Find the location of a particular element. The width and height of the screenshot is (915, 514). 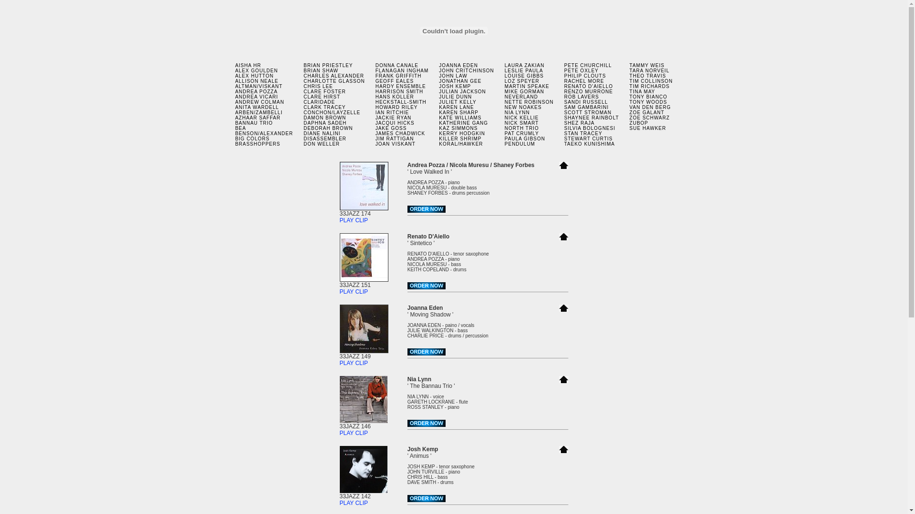

'KAZ SIMMONS' is located at coordinates (458, 128).